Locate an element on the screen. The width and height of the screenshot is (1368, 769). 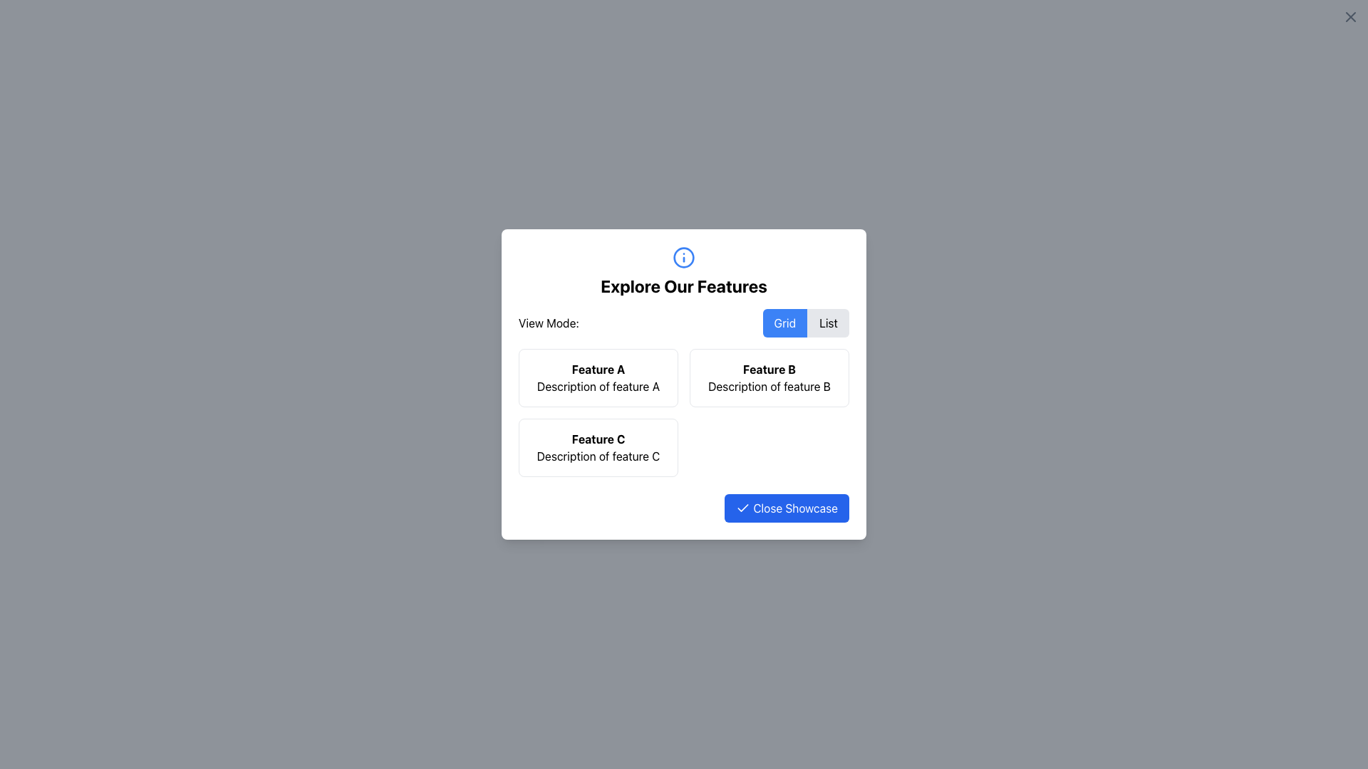
the close button located at the top-right corner of the modal dialog to change its icon color is located at coordinates (1350, 16).